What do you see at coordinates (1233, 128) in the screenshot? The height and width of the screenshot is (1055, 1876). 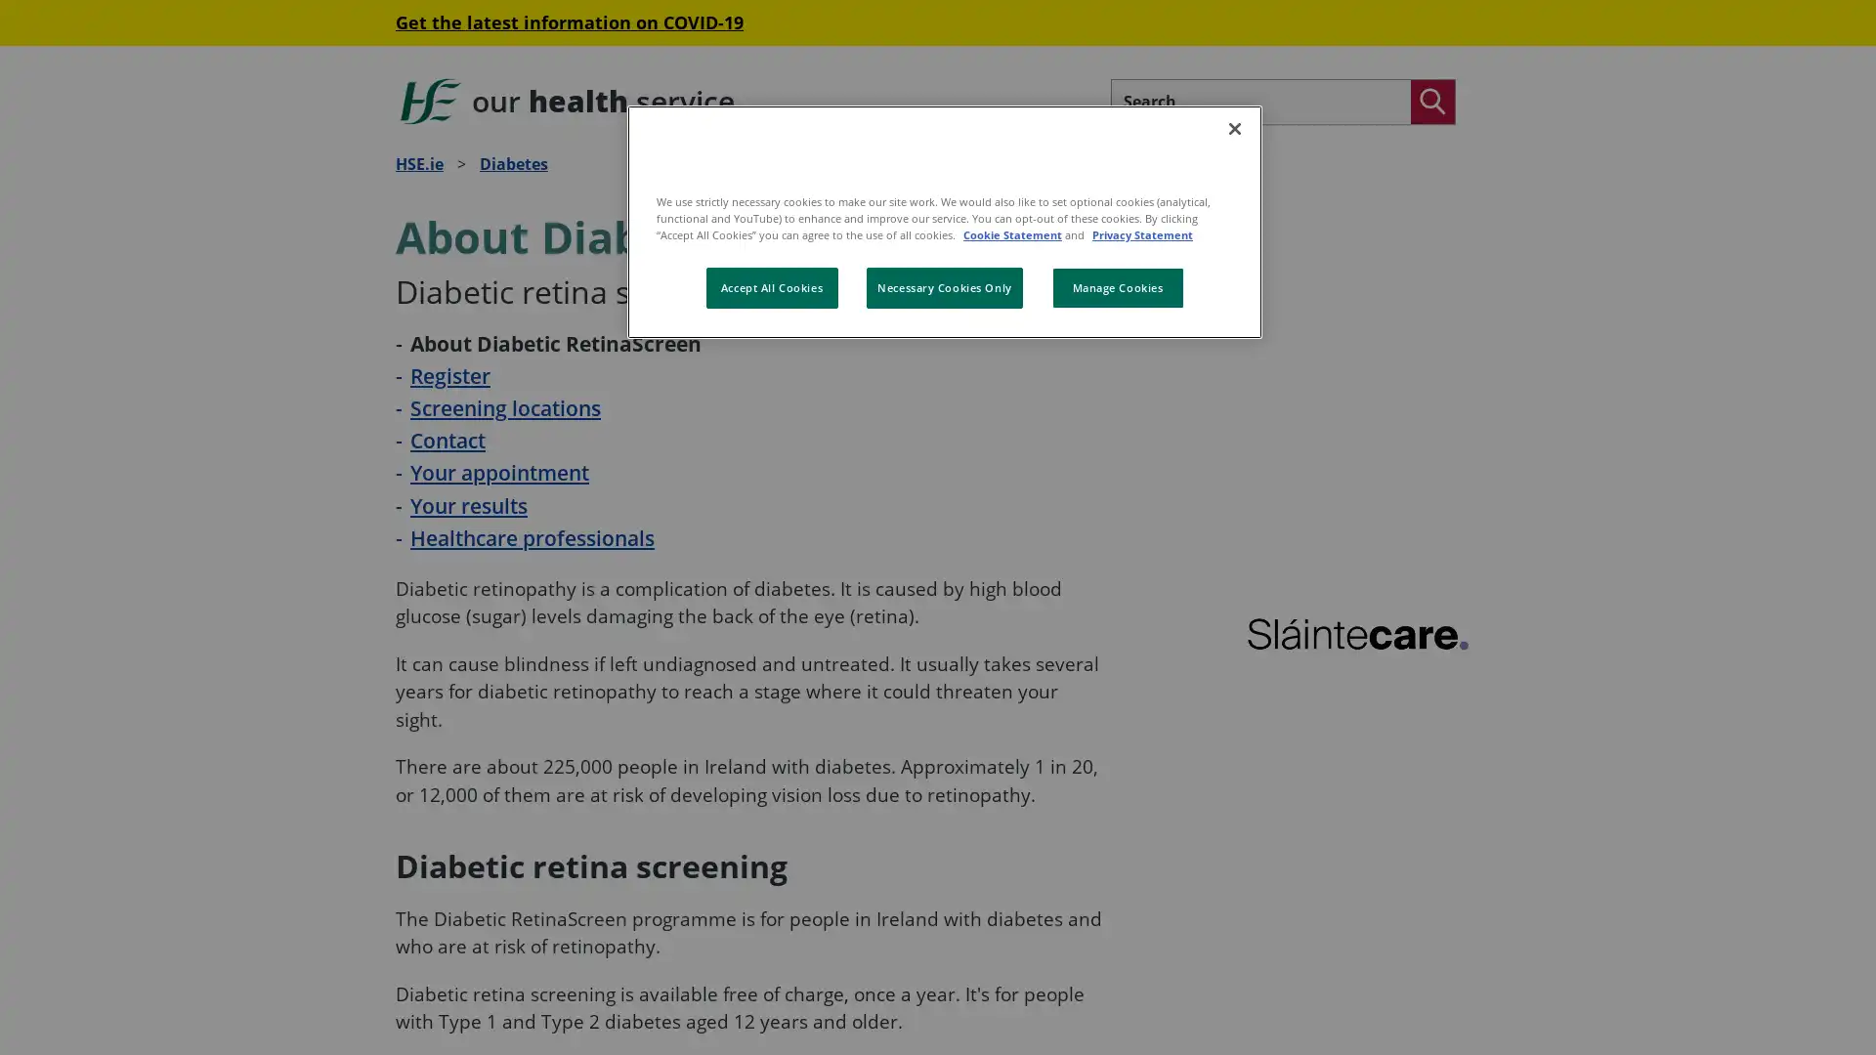 I see `Close` at bounding box center [1233, 128].